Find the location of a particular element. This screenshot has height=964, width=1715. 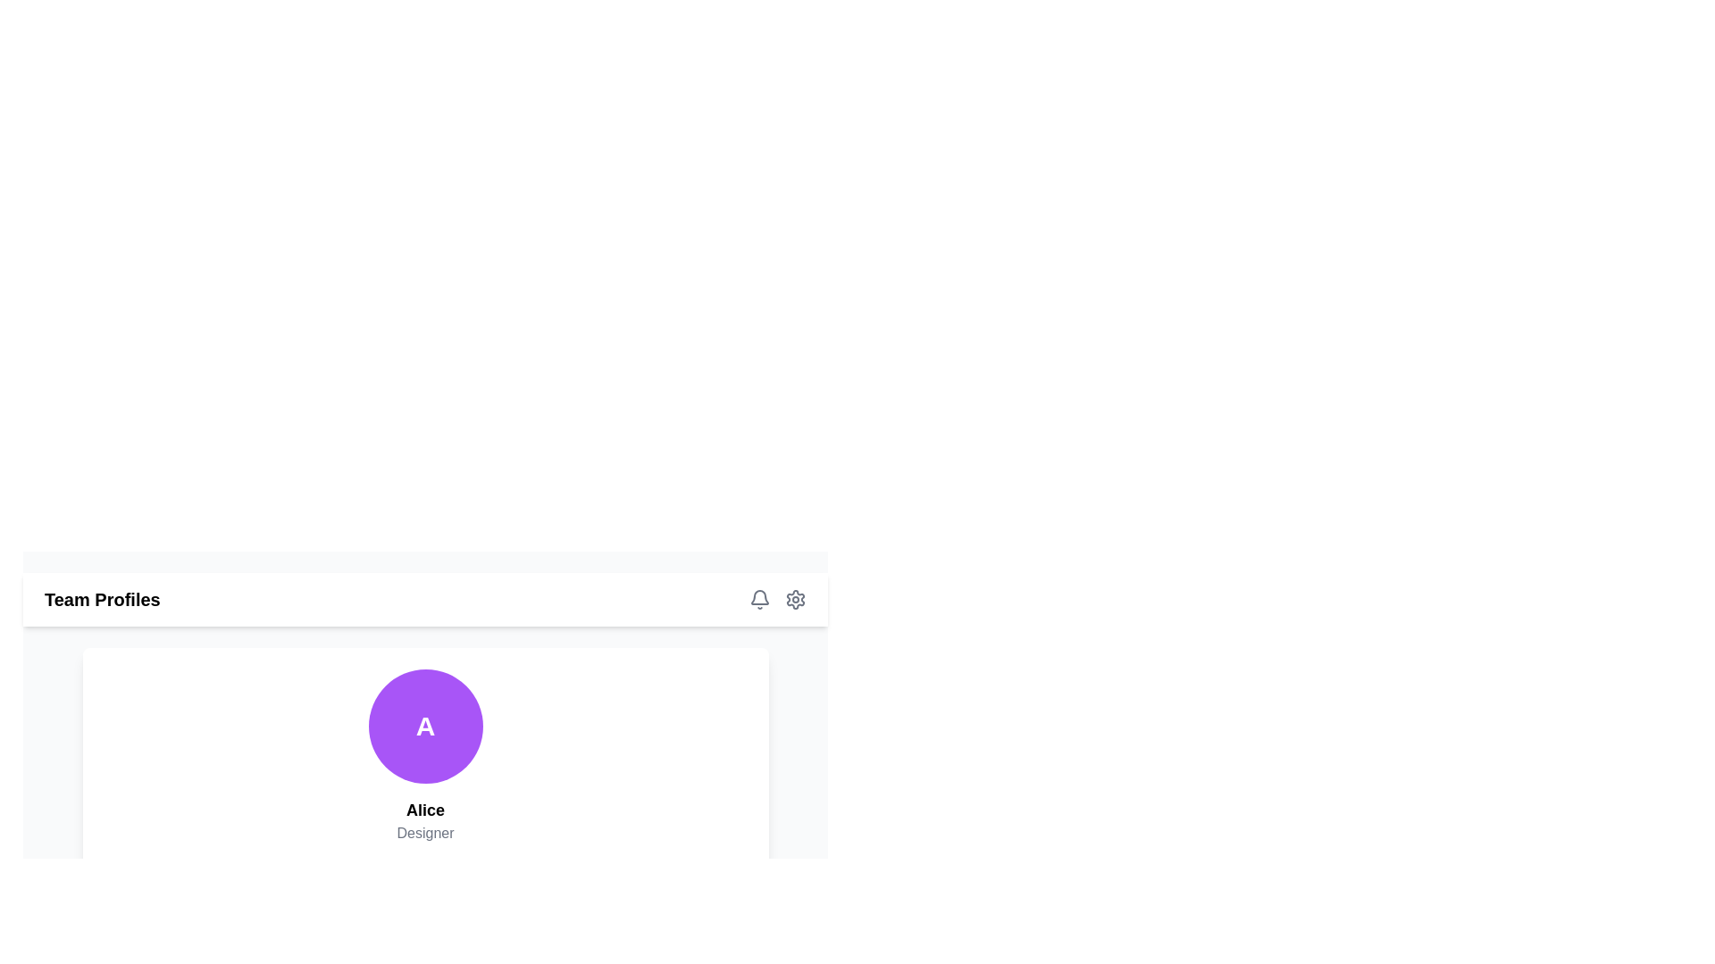

the gear icon in the notification and settings group located in the top-right corner of the navigation bar is located at coordinates (777, 599).